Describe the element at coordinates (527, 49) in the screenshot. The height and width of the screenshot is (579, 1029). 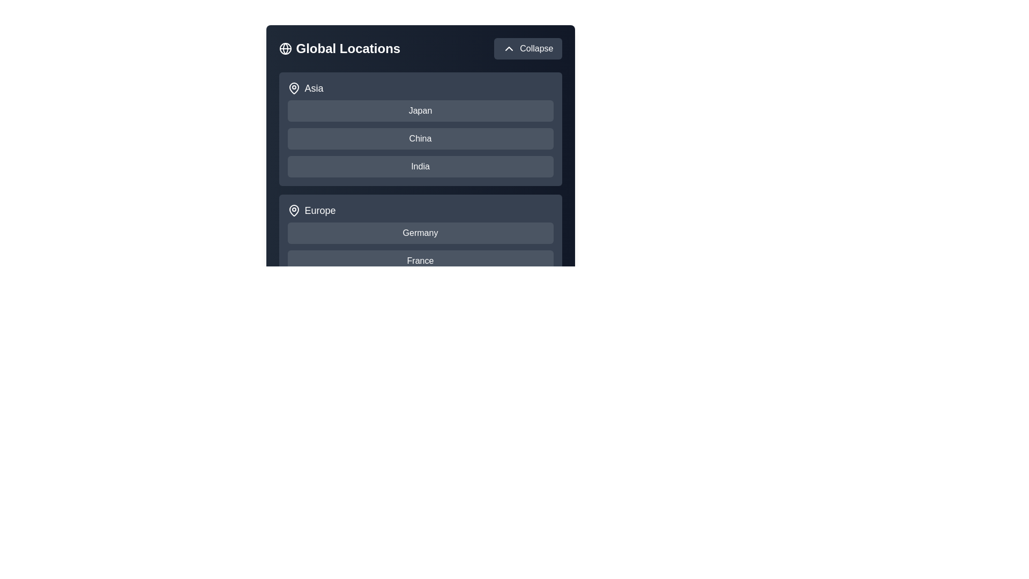
I see `'Collapse' button to collapse the global locations list` at that location.